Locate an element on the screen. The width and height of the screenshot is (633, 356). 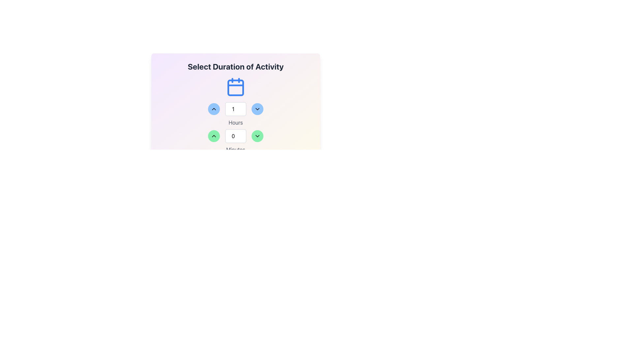
the icon within the button located to the right of the numeric '1' input box in the 'Select Duration of Activity' section is located at coordinates (257, 109).